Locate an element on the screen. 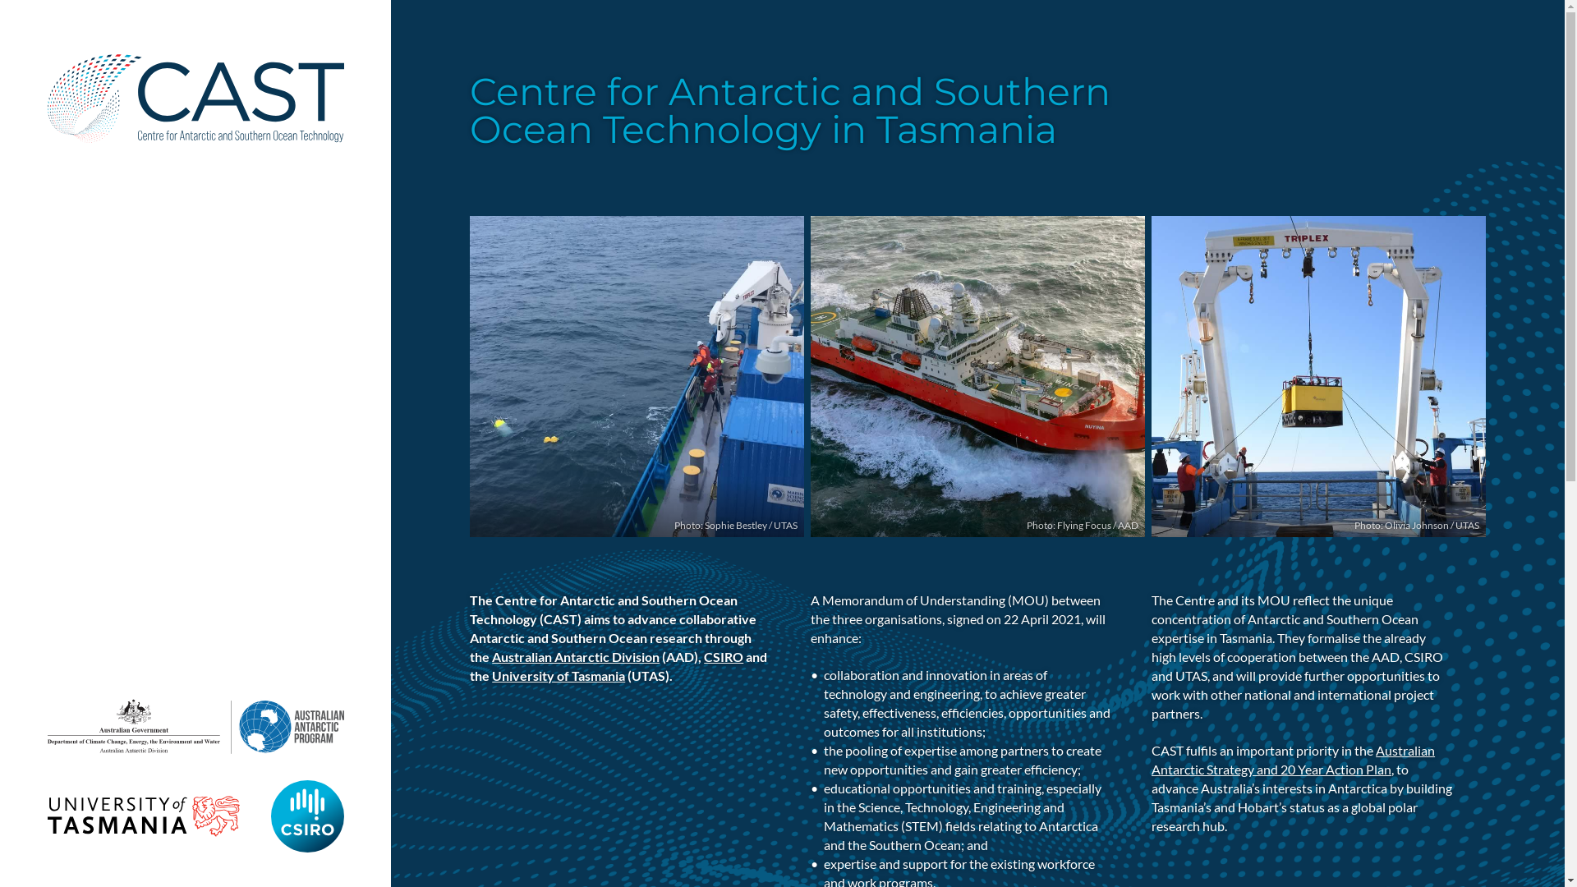 The width and height of the screenshot is (1577, 887). 'Australian Antarctic Division' is located at coordinates (575, 655).